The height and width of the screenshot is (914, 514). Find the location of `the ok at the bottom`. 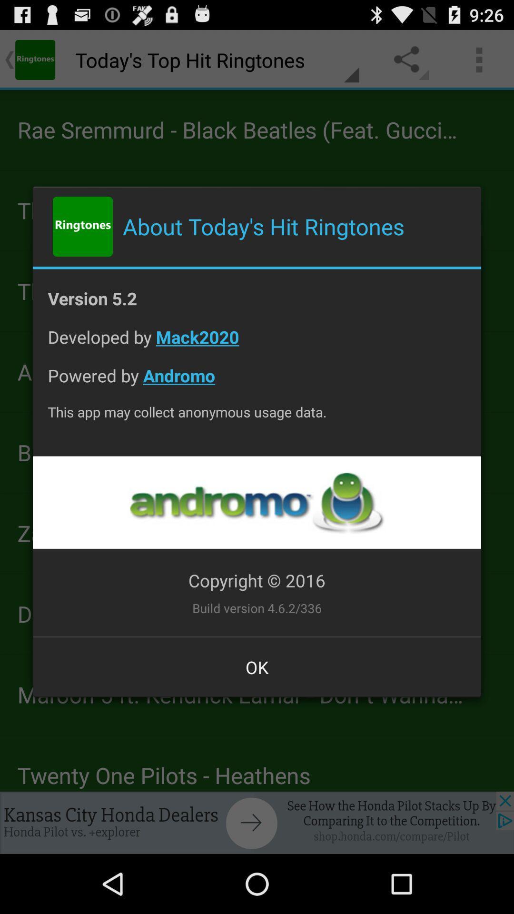

the ok at the bottom is located at coordinates (257, 666).